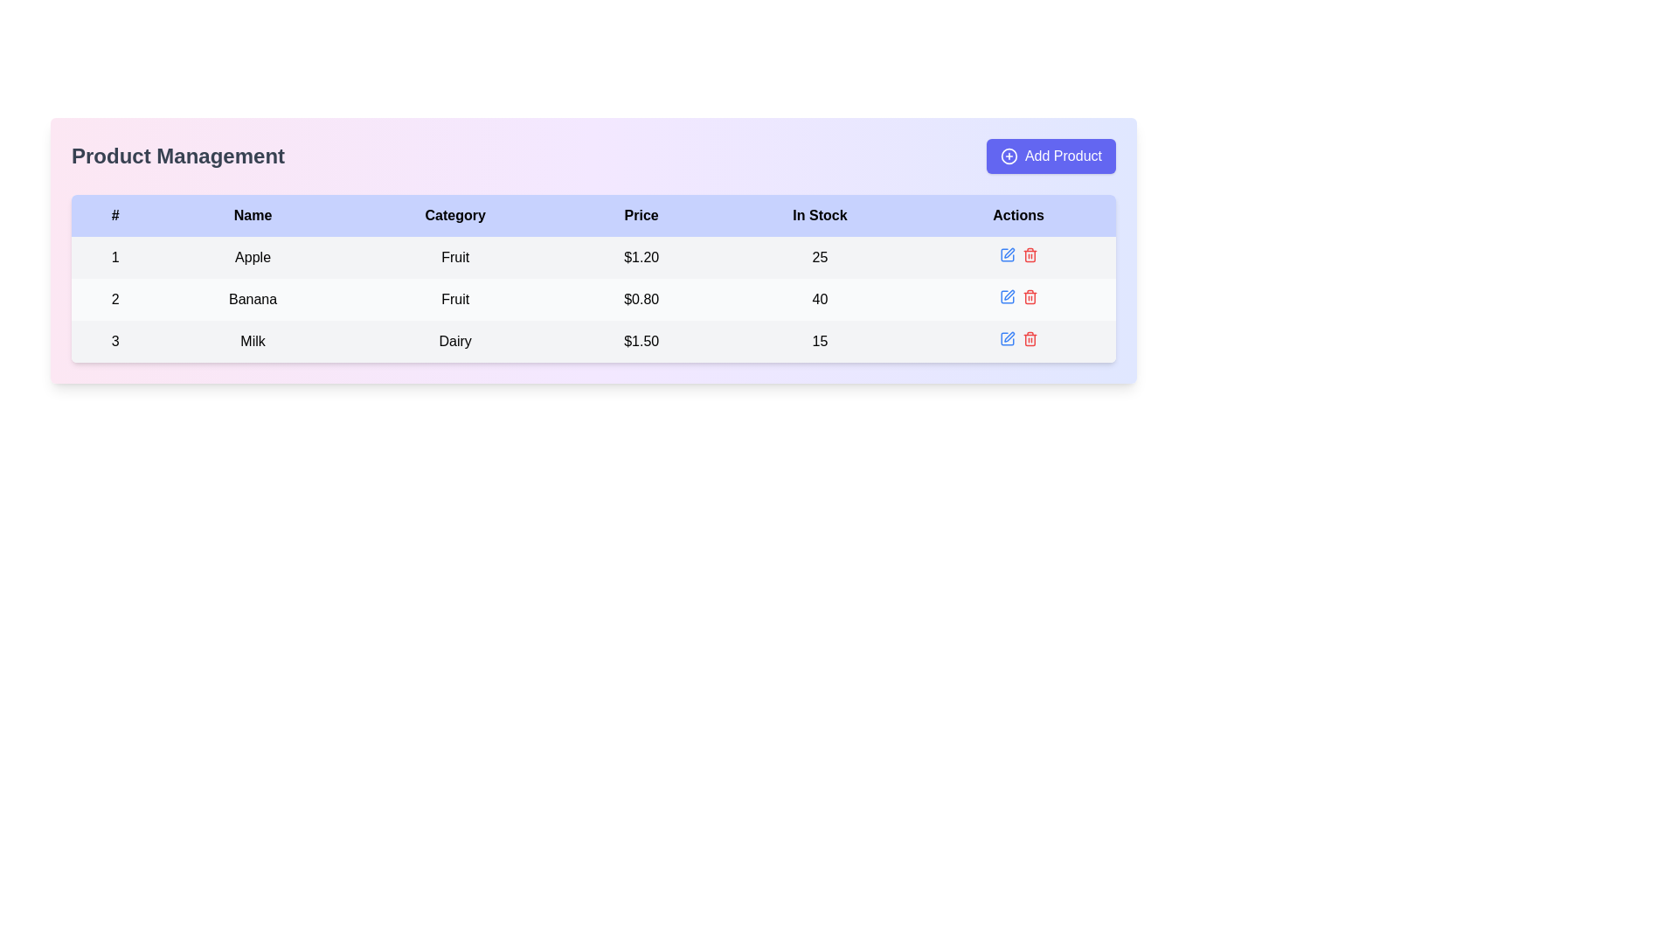  Describe the element at coordinates (455, 299) in the screenshot. I see `the text label displaying 'Fruit' in bold black text, located in the second row of the product table under the 'Category' column, adjacent to 'Banana' and '$0.80'` at that location.